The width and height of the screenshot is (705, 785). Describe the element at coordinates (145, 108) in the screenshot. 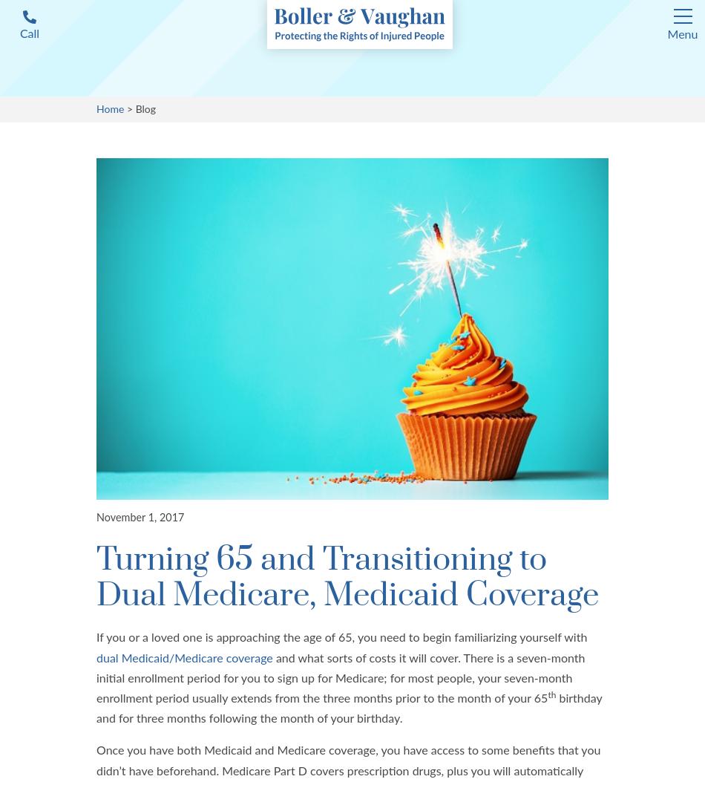

I see `'Blog'` at that location.